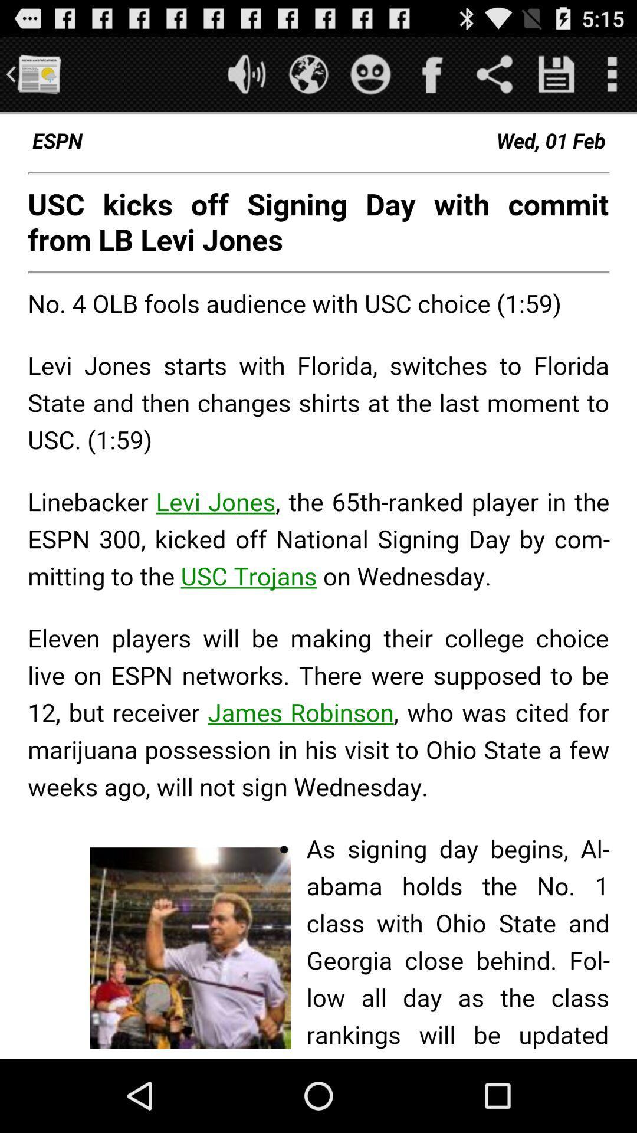 This screenshot has width=637, height=1133. What do you see at coordinates (246, 73) in the screenshot?
I see `sound option` at bounding box center [246, 73].